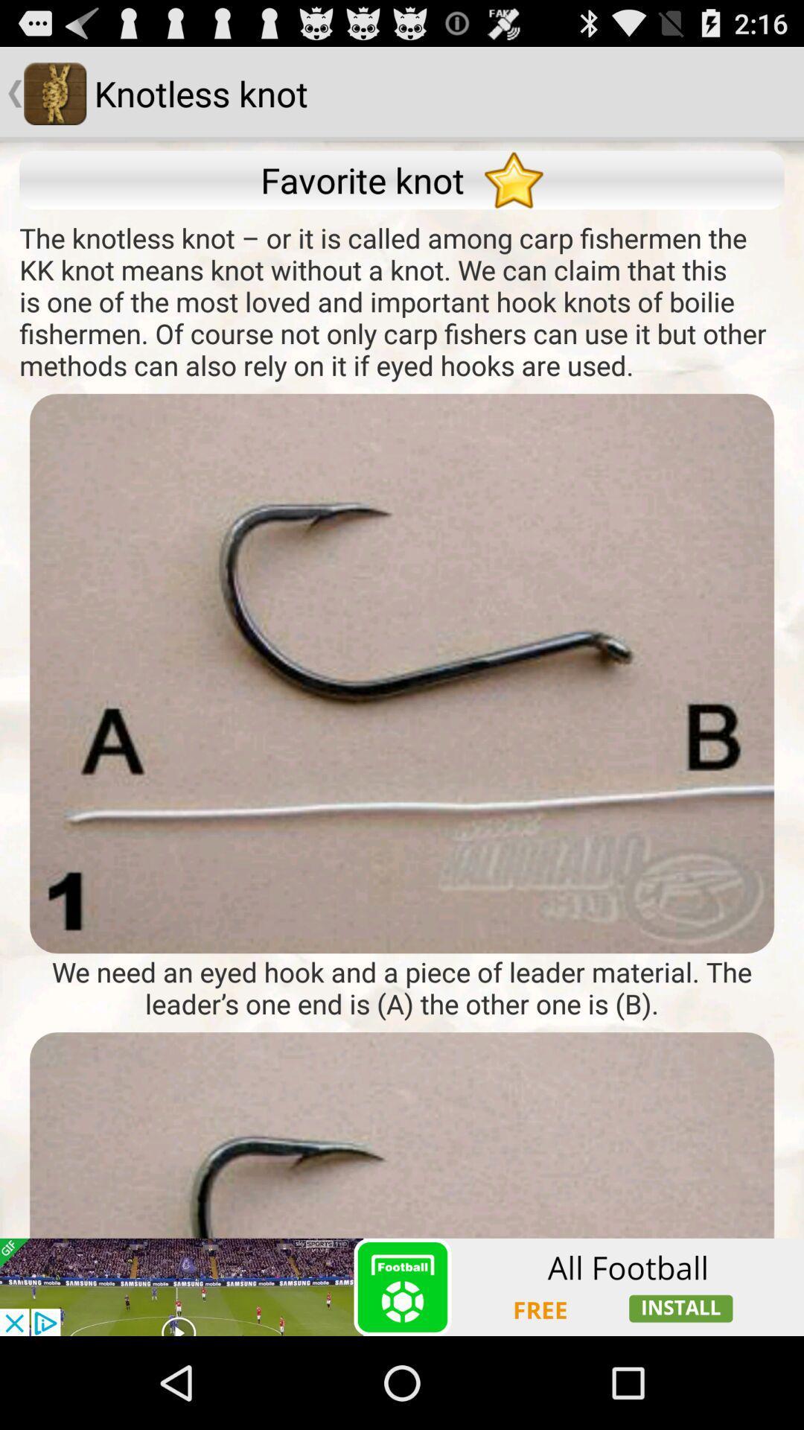 The image size is (804, 1430). What do you see at coordinates (402, 1286) in the screenshot?
I see `advertisement` at bounding box center [402, 1286].